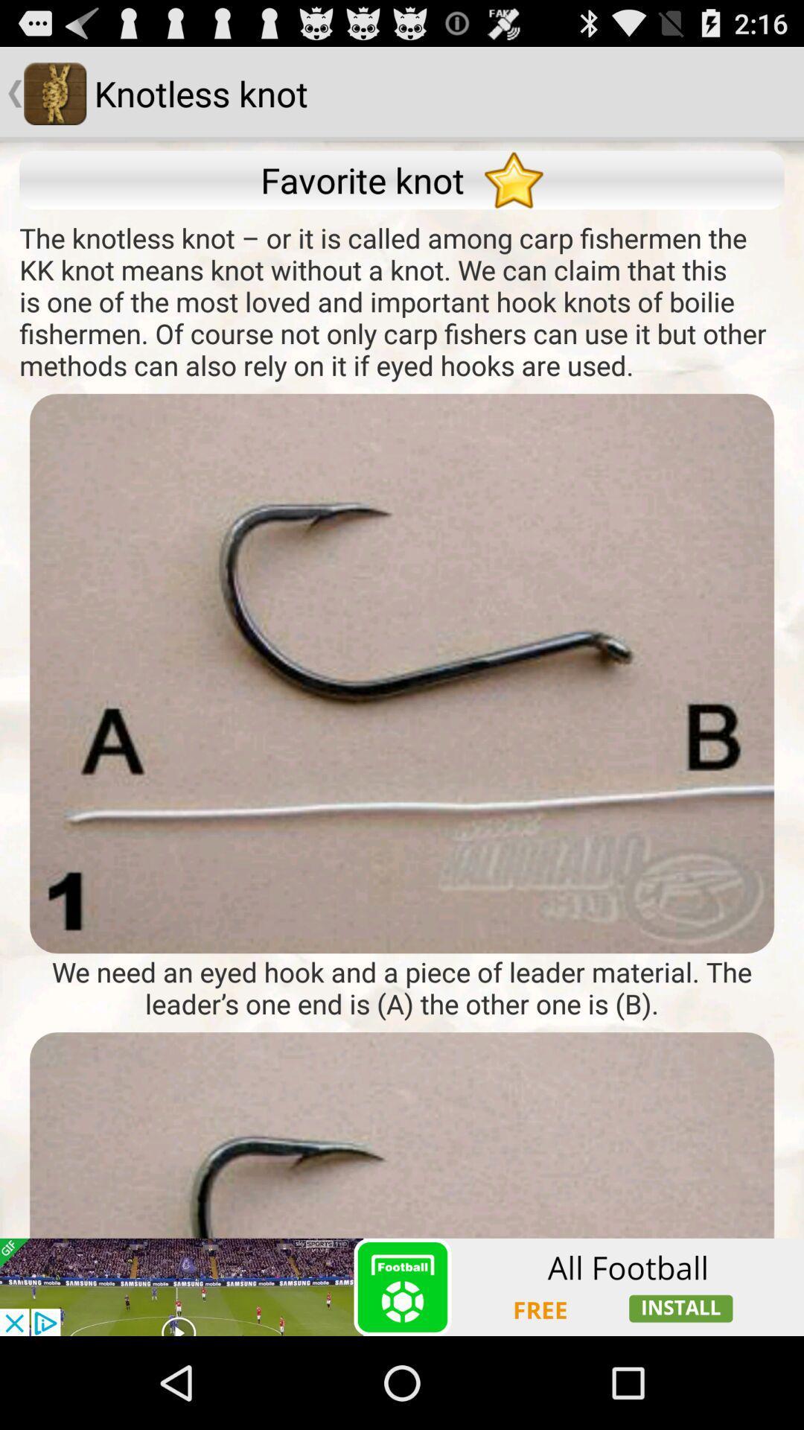 The image size is (804, 1430). What do you see at coordinates (402, 1286) in the screenshot?
I see `advertisement` at bounding box center [402, 1286].